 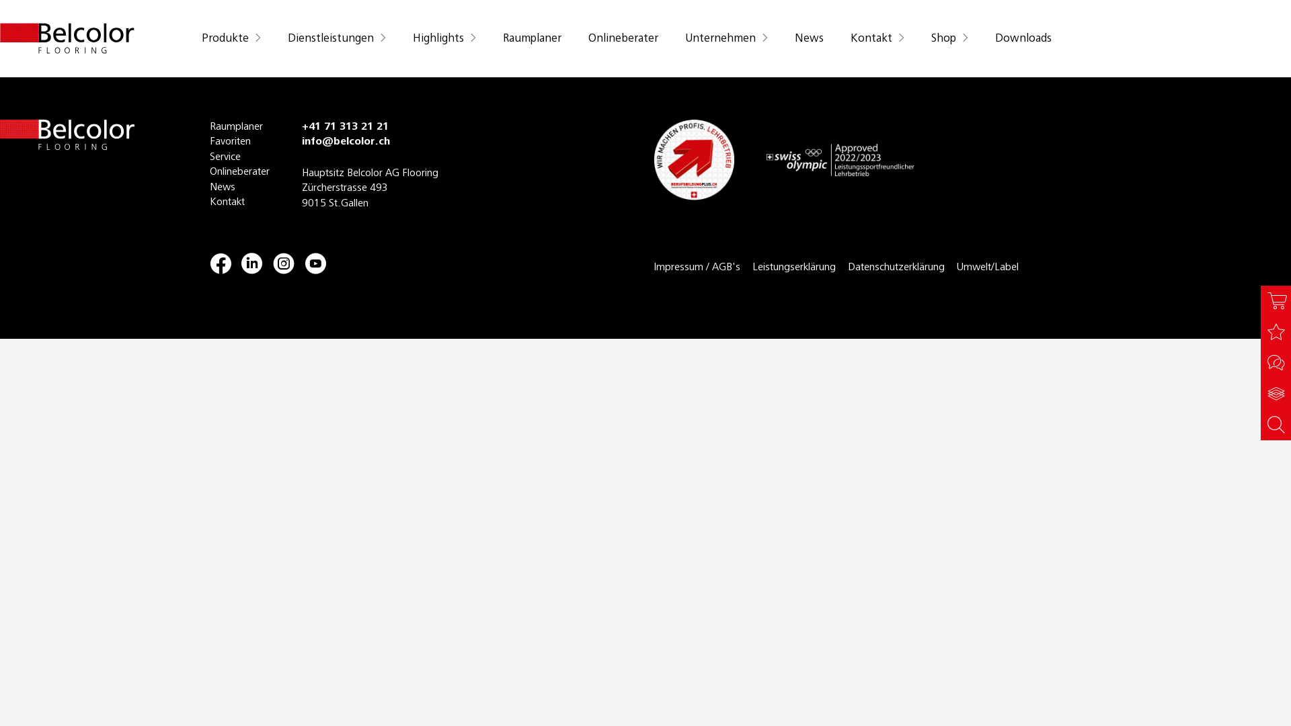 What do you see at coordinates (239, 187) in the screenshot?
I see `'News'` at bounding box center [239, 187].